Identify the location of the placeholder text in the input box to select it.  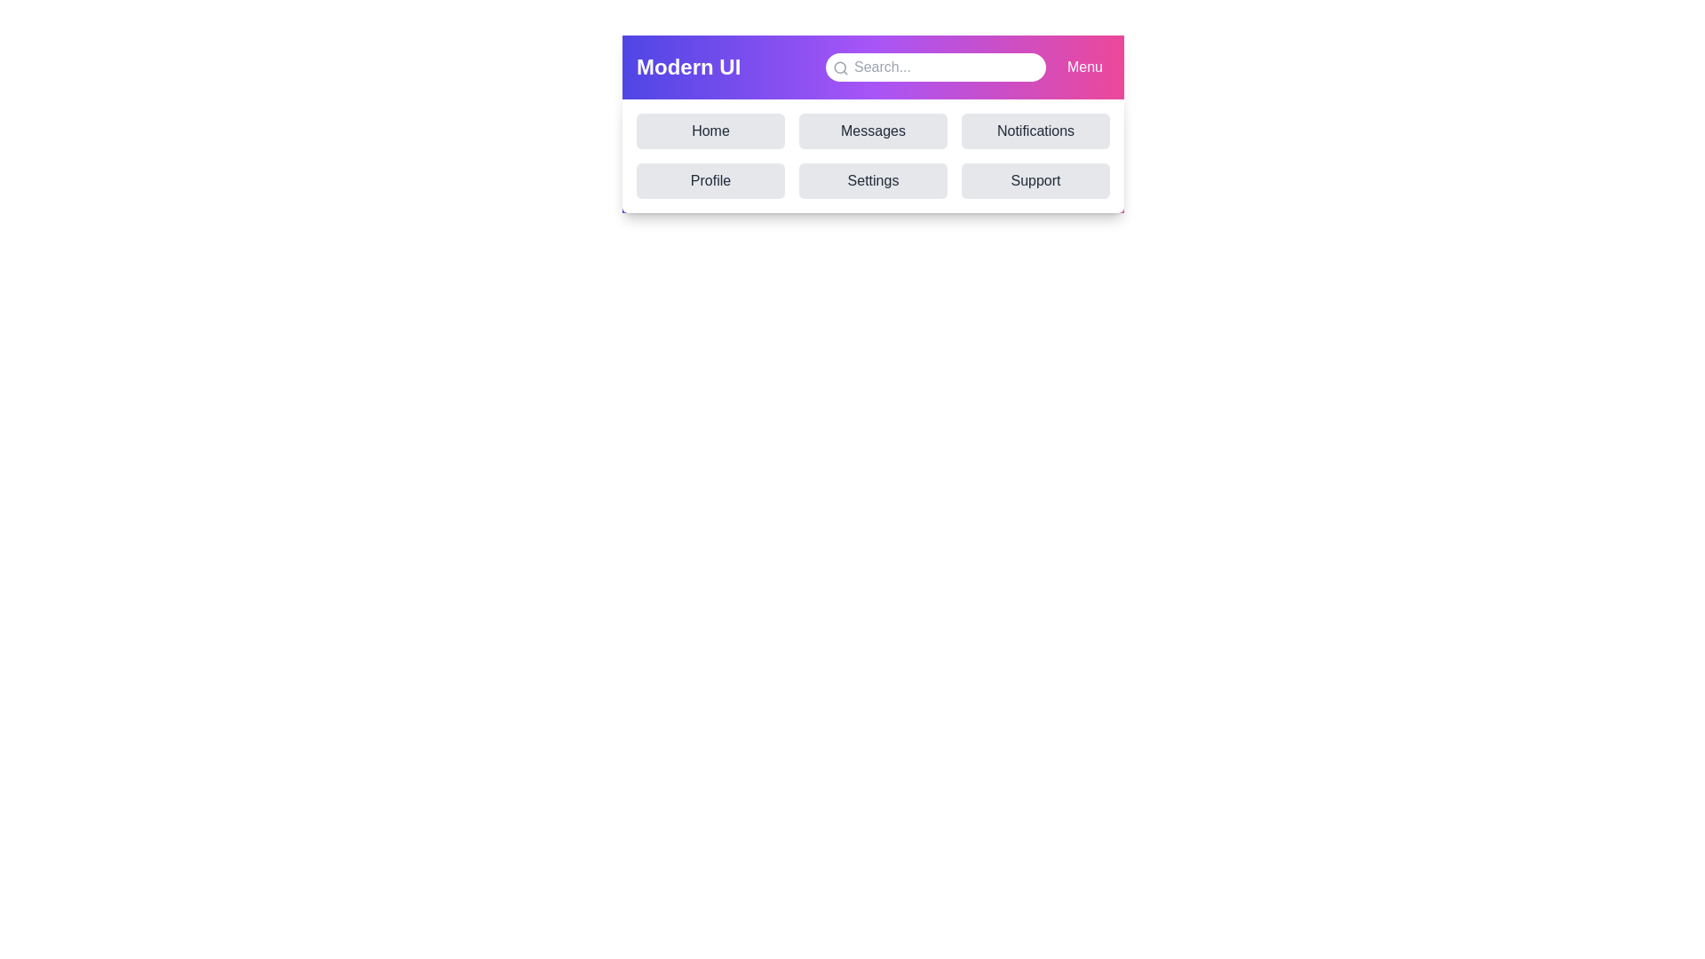
(934, 67).